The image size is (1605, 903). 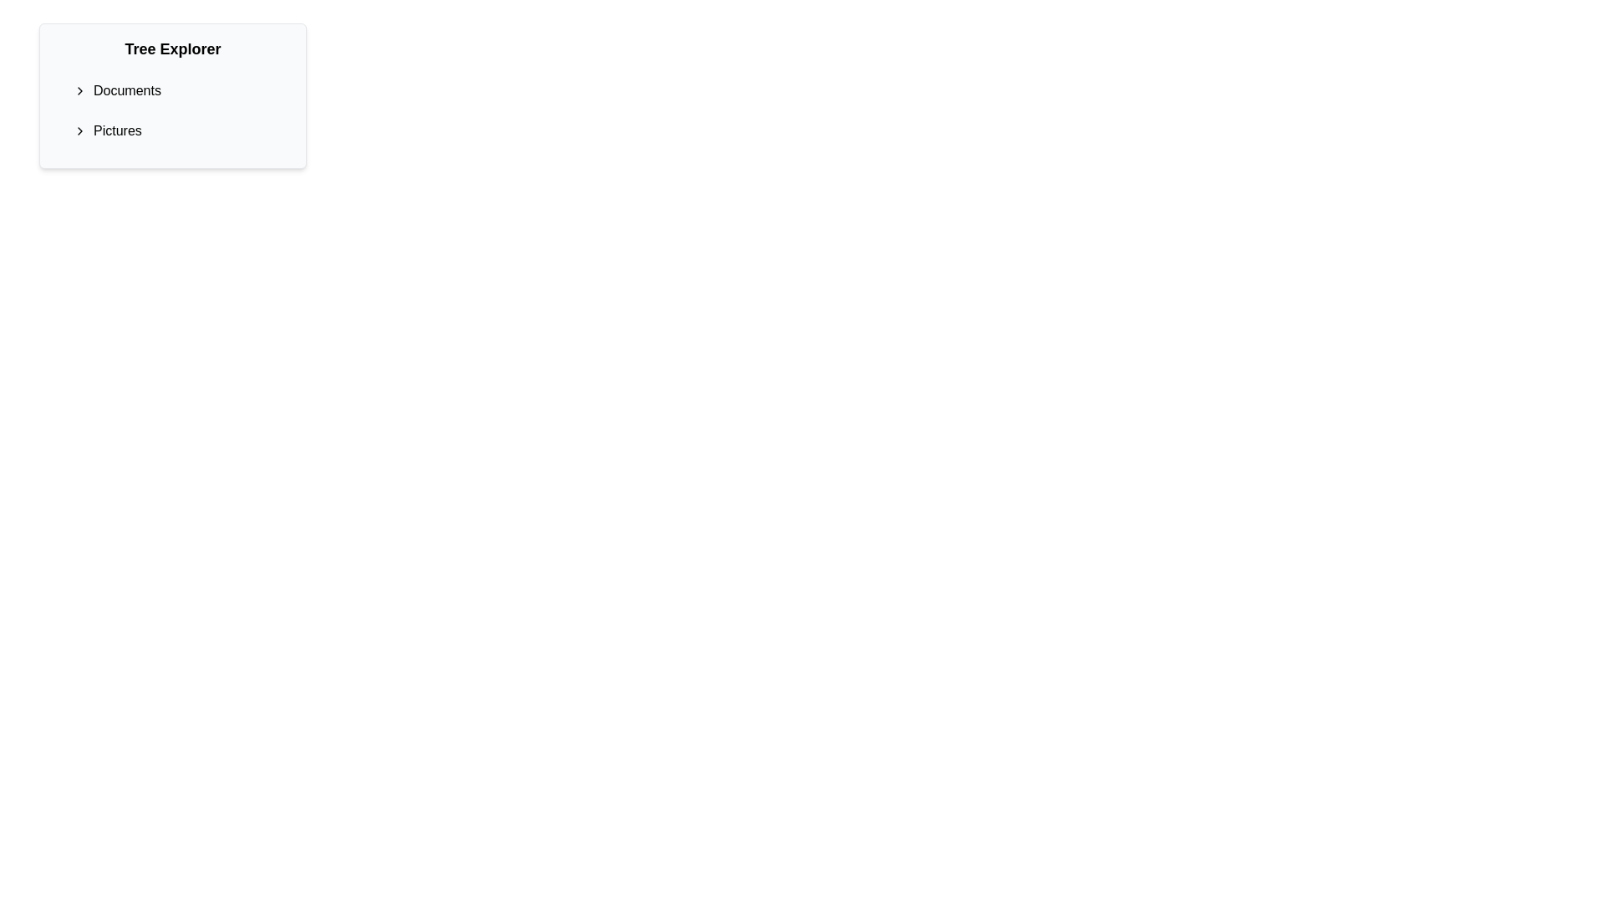 I want to click on the text label displaying the word 'Pictures', so click(x=116, y=130).